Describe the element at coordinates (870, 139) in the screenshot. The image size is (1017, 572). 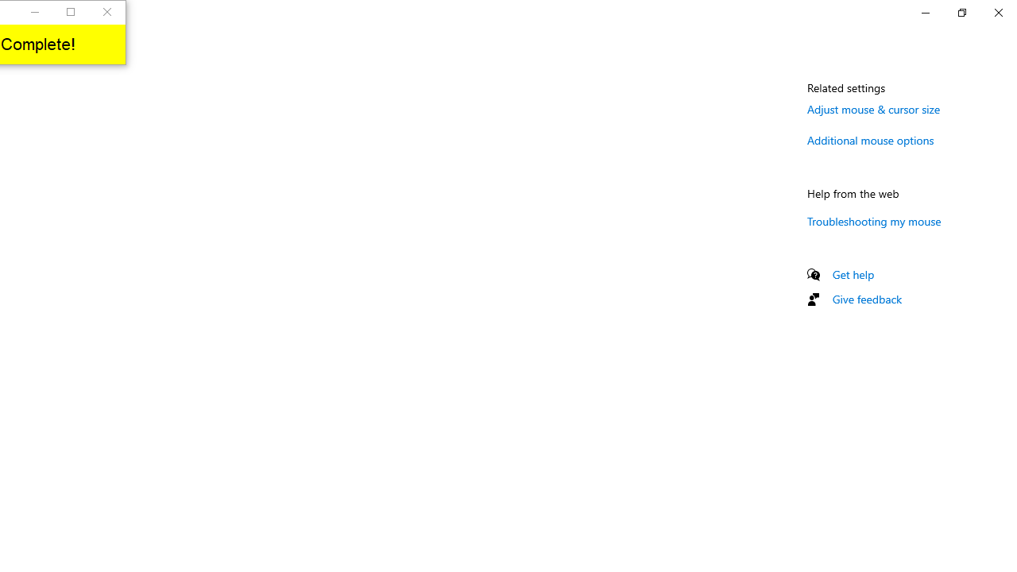
I see `'Additional mouse options'` at that location.